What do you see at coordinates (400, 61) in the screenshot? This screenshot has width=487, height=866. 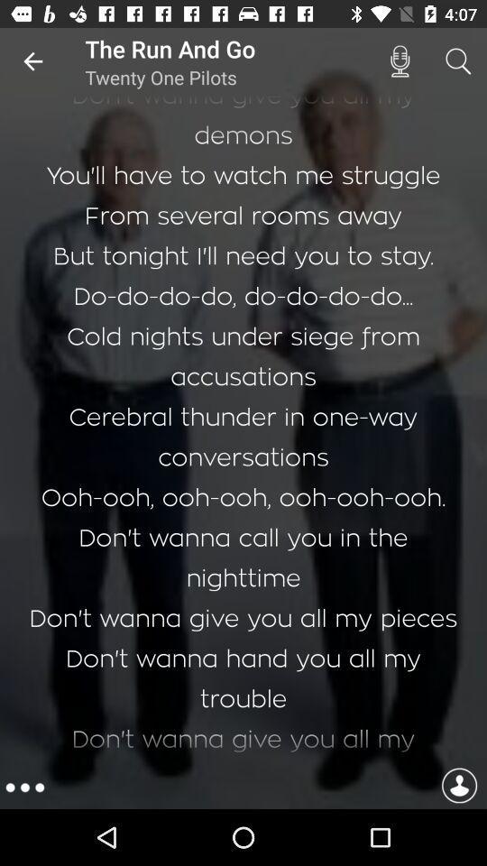 I see `item to the right of the run and item` at bounding box center [400, 61].